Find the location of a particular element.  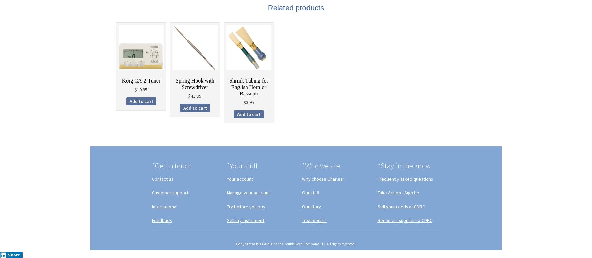

'43.95' is located at coordinates (196, 96).